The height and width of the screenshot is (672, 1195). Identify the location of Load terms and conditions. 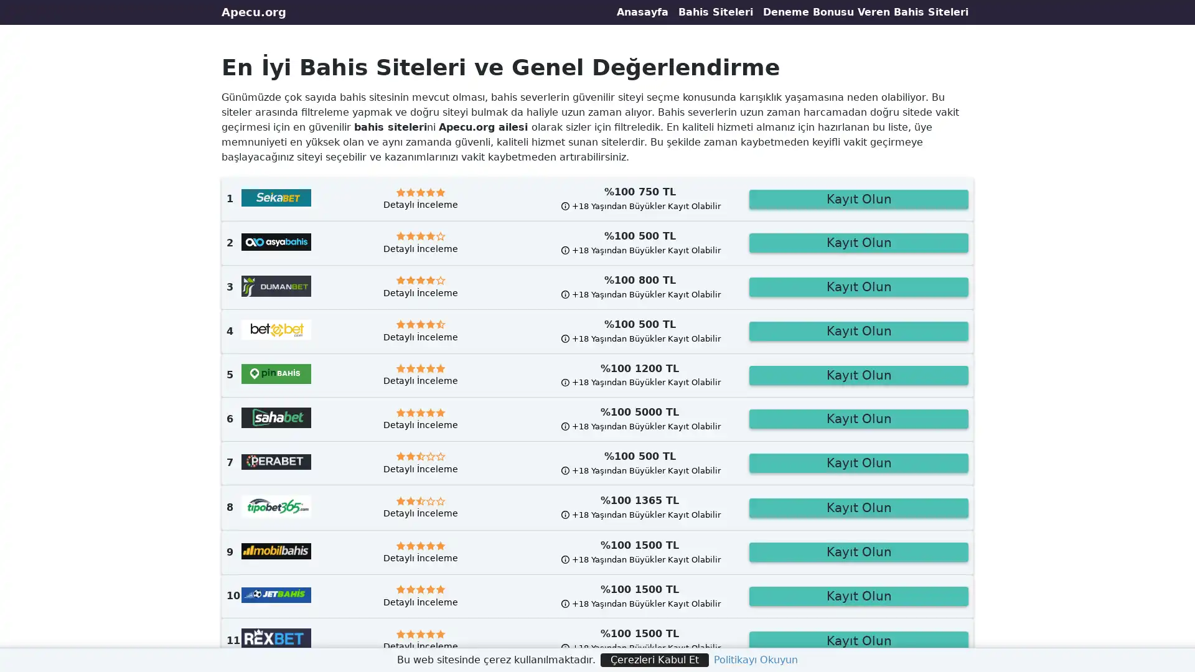
(639, 338).